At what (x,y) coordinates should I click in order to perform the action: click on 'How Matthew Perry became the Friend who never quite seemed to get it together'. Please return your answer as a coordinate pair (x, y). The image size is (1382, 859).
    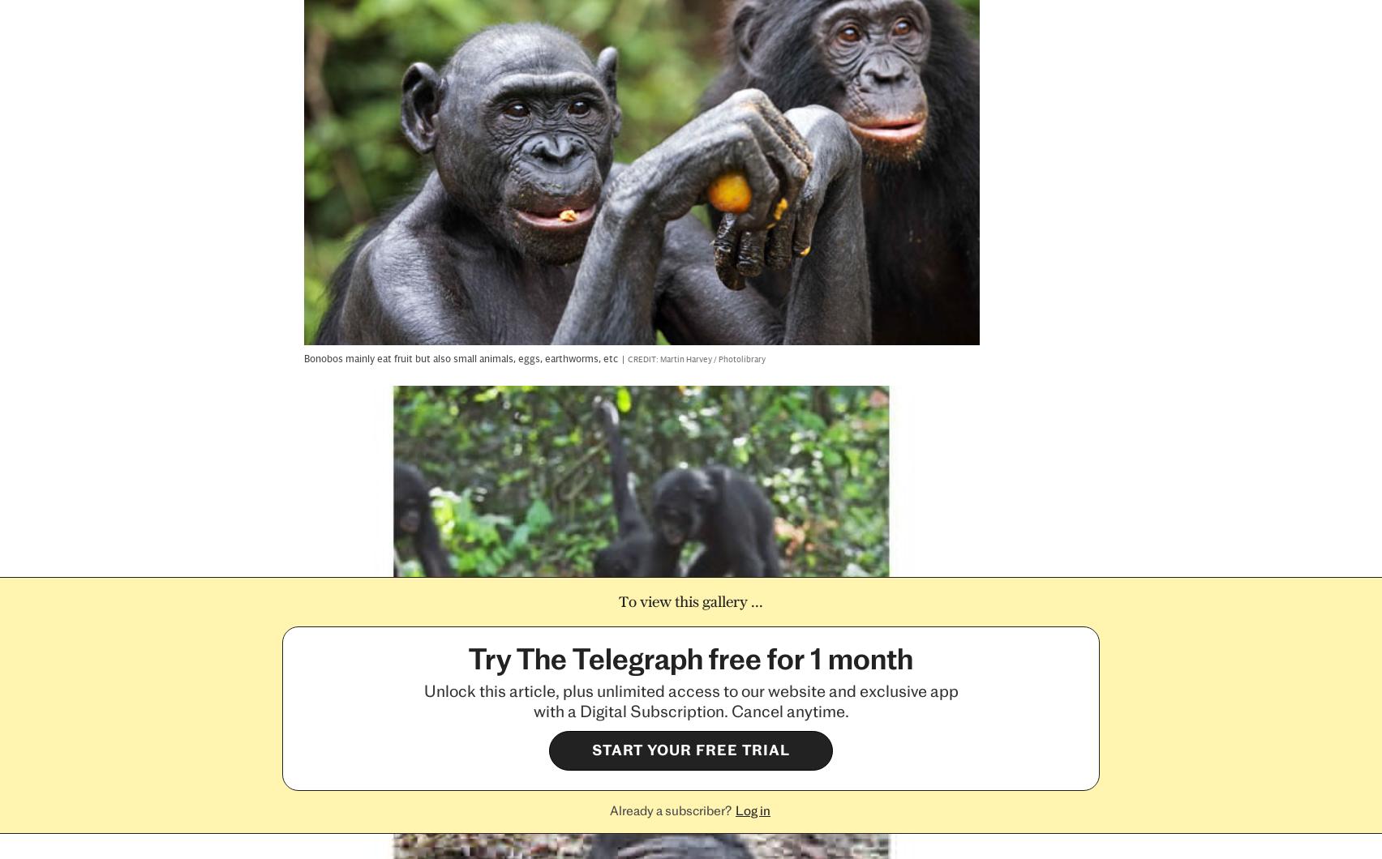
    Looking at the image, I should click on (194, 468).